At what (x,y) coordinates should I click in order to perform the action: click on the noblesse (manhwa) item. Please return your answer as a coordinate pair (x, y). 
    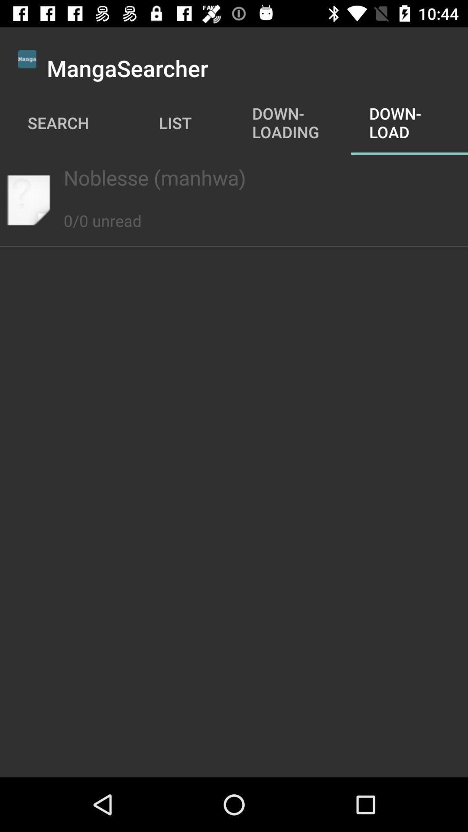
    Looking at the image, I should click on (234, 177).